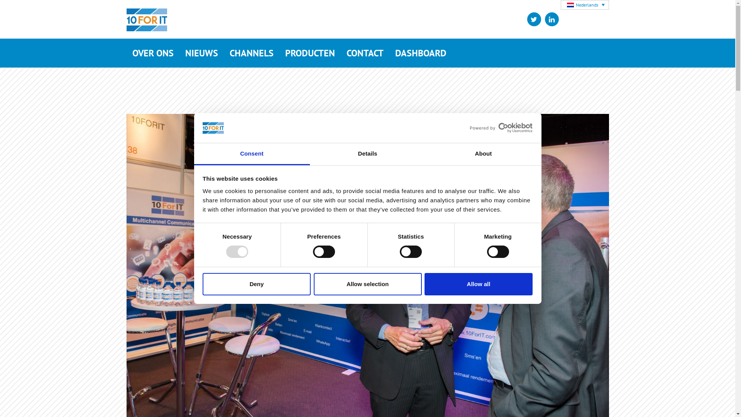 The height and width of the screenshot is (417, 741). Describe the element at coordinates (252, 154) in the screenshot. I see `'Consent'` at that location.